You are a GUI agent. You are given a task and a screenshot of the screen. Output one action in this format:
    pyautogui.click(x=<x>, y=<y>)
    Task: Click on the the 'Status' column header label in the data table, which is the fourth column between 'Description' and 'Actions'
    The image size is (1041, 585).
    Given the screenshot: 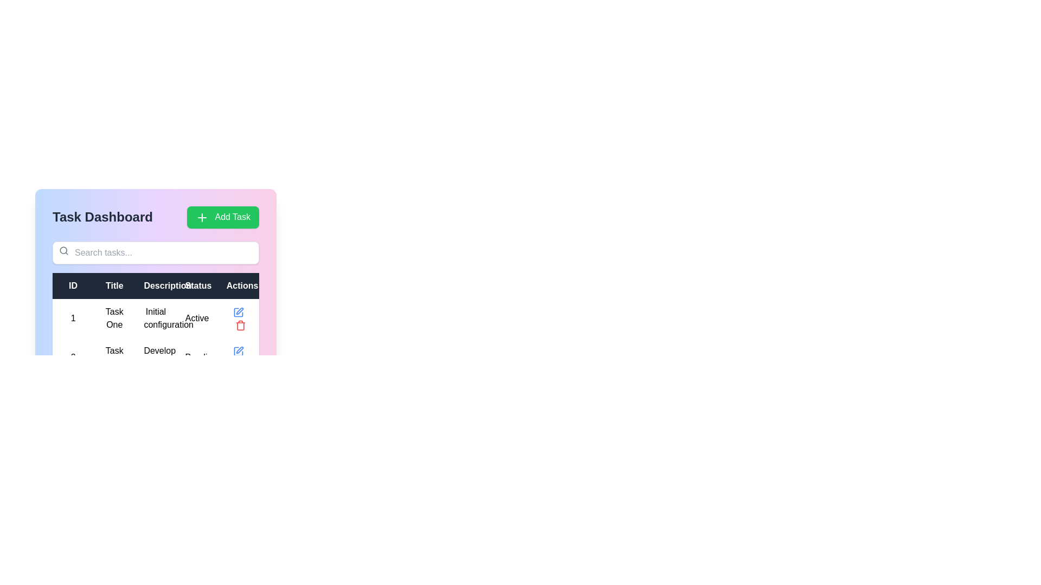 What is the action you would take?
    pyautogui.click(x=197, y=285)
    